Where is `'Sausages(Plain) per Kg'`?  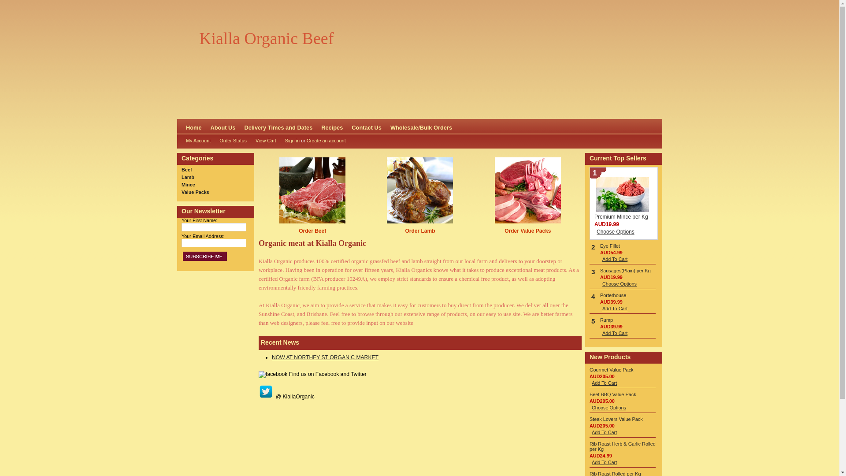
'Sausages(Plain) per Kg' is located at coordinates (625, 270).